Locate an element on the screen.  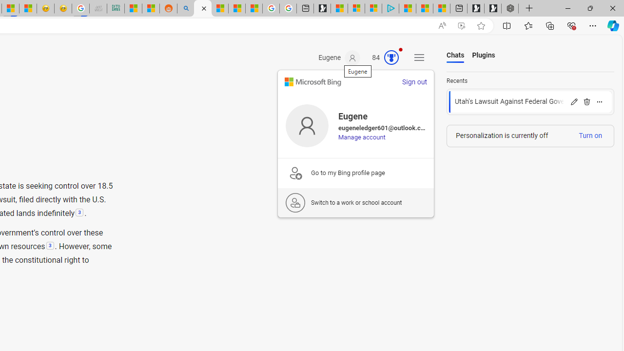
'Animation' is located at coordinates (400, 49).